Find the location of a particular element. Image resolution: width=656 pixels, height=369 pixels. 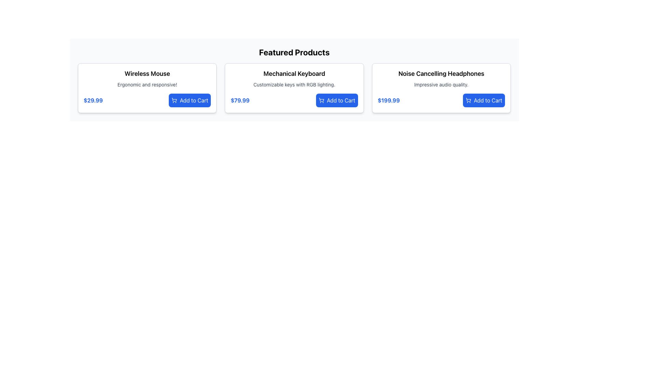

the blue rectangular 'Add to Cart' button with rounded corners located at the bottom-right corner of the first product card in the 'Featured Products' section is located at coordinates (190, 100).